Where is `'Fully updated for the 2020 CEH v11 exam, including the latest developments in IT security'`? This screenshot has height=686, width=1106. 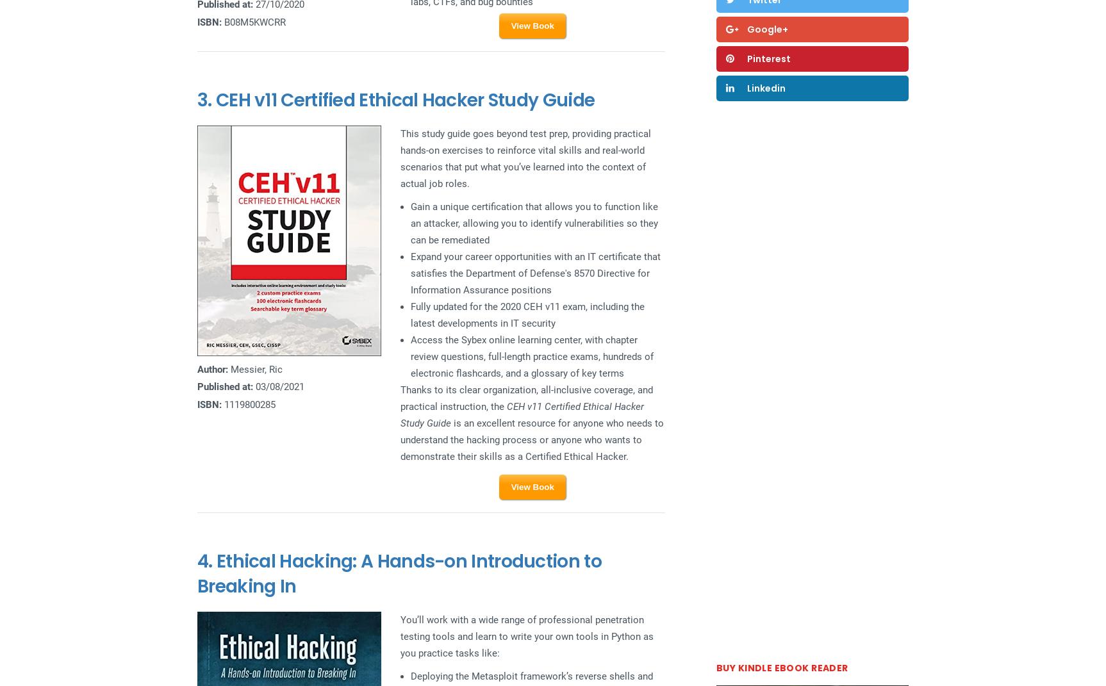
'Fully updated for the 2020 CEH v11 exam, including the latest developments in IT security' is located at coordinates (526, 314).